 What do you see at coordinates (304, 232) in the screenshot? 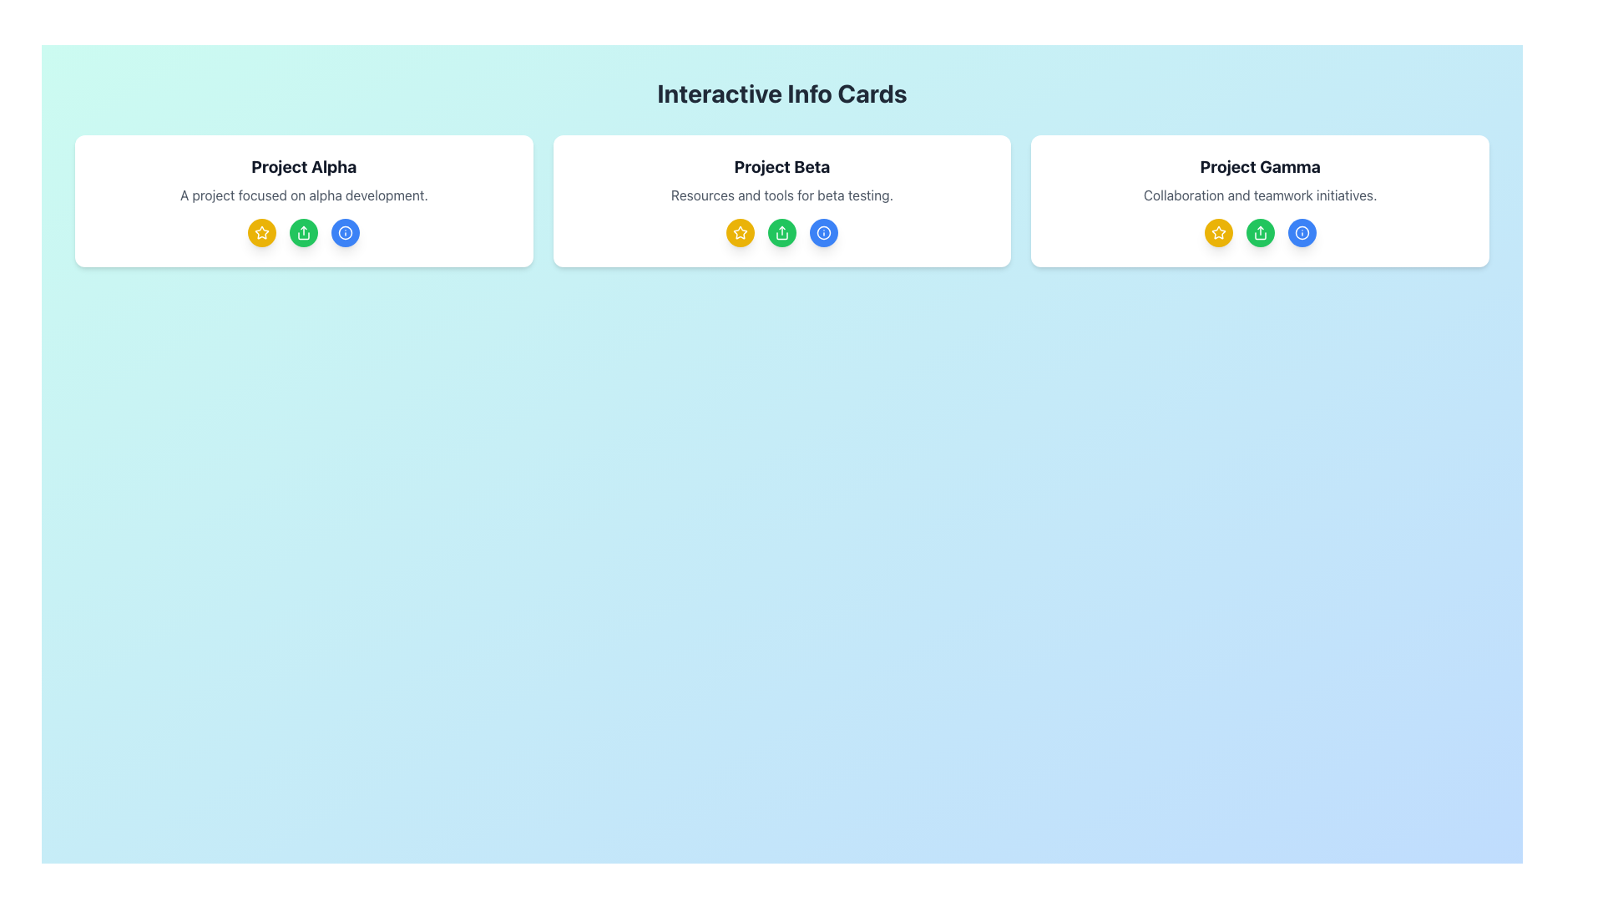
I see `the green circular button with an upward arrow icon, which is the second button in a horizontal sequence below the 'A project focused on alpha development.' text` at bounding box center [304, 232].